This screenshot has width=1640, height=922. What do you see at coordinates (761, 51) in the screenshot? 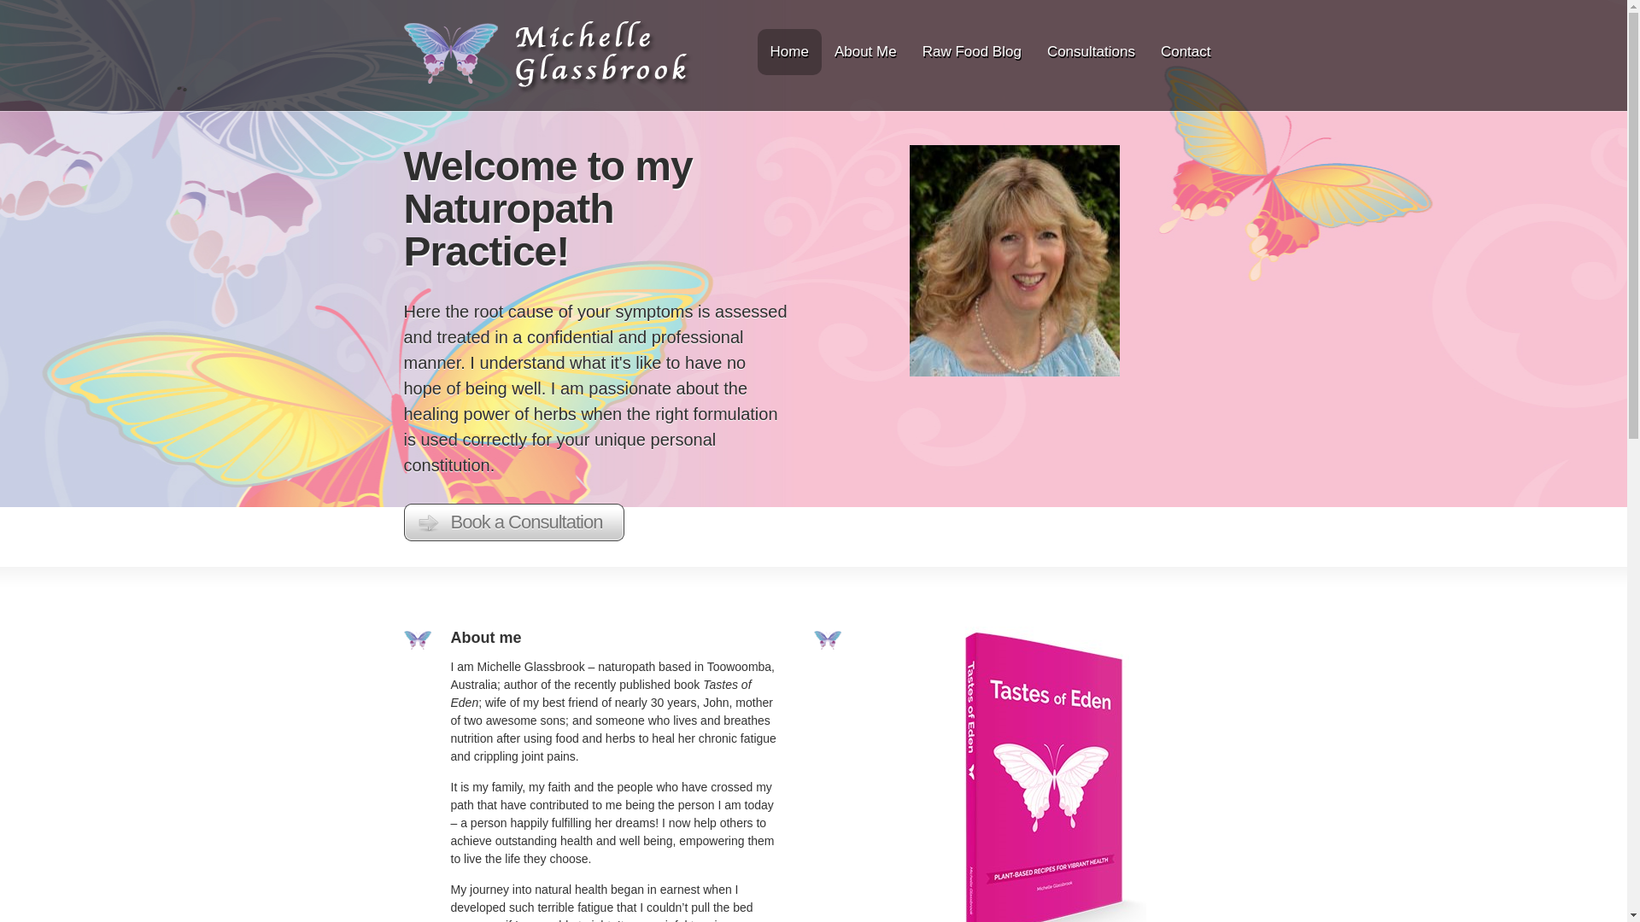
I see `'Home'` at bounding box center [761, 51].